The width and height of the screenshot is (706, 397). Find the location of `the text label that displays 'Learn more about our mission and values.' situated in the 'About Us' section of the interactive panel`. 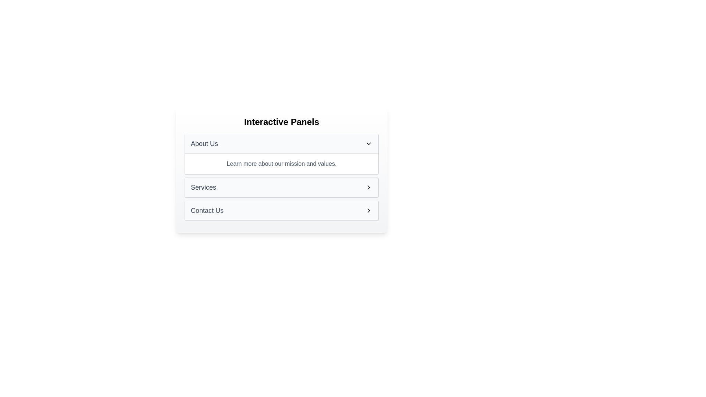

the text label that displays 'Learn more about our mission and values.' situated in the 'About Us' section of the interactive panel is located at coordinates (281, 164).